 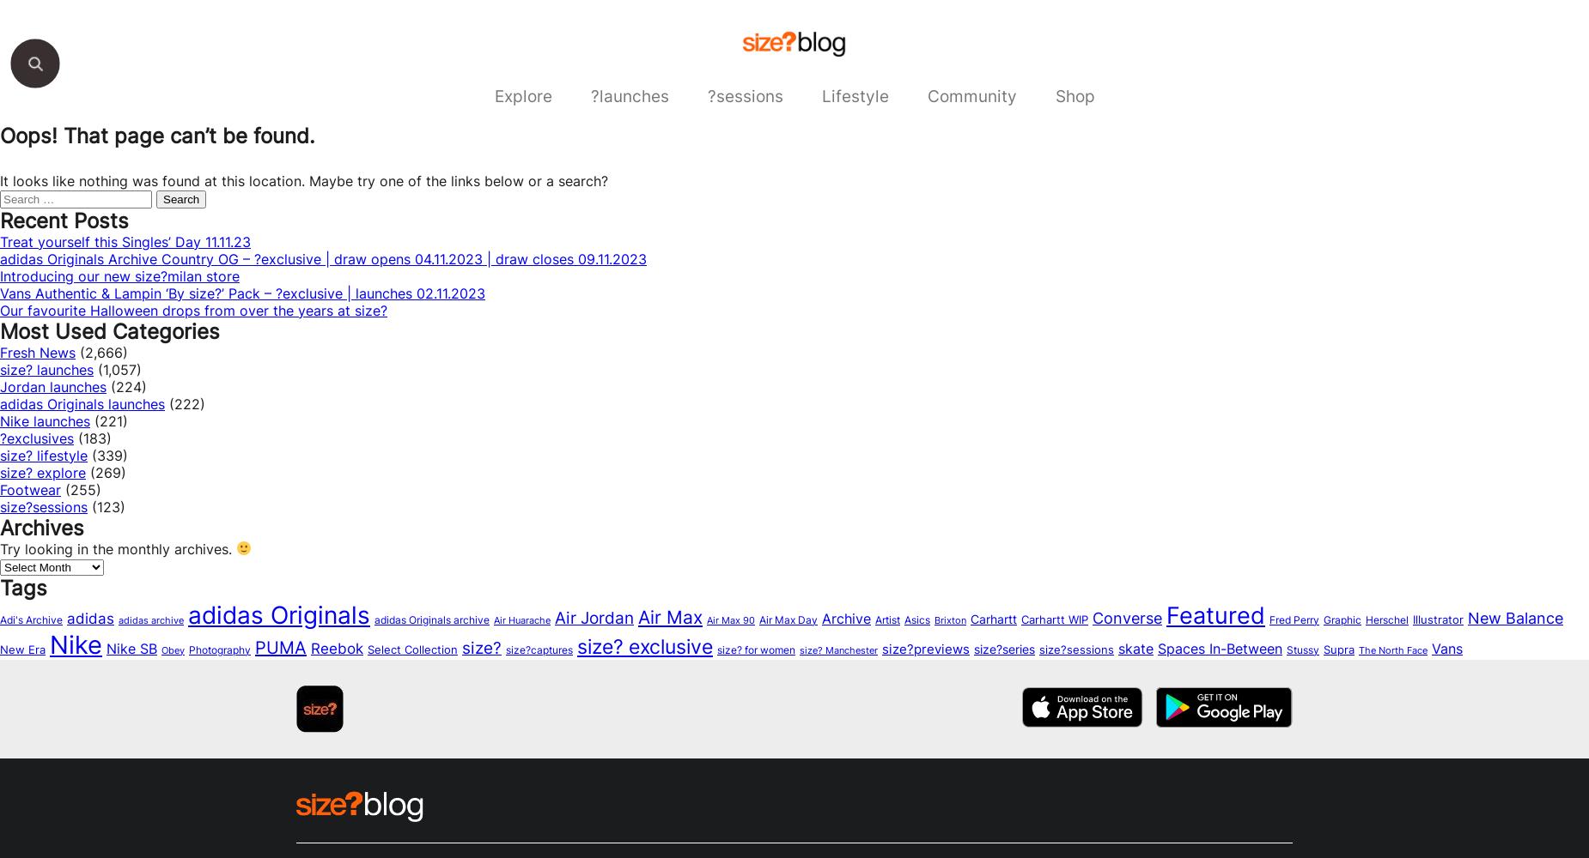 I want to click on 'size? lifestyle', so click(x=0, y=455).